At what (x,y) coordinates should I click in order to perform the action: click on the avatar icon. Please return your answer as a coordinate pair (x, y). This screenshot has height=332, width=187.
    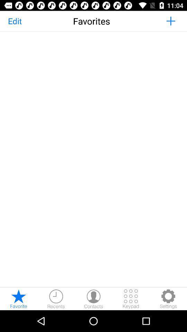
    Looking at the image, I should click on (93, 298).